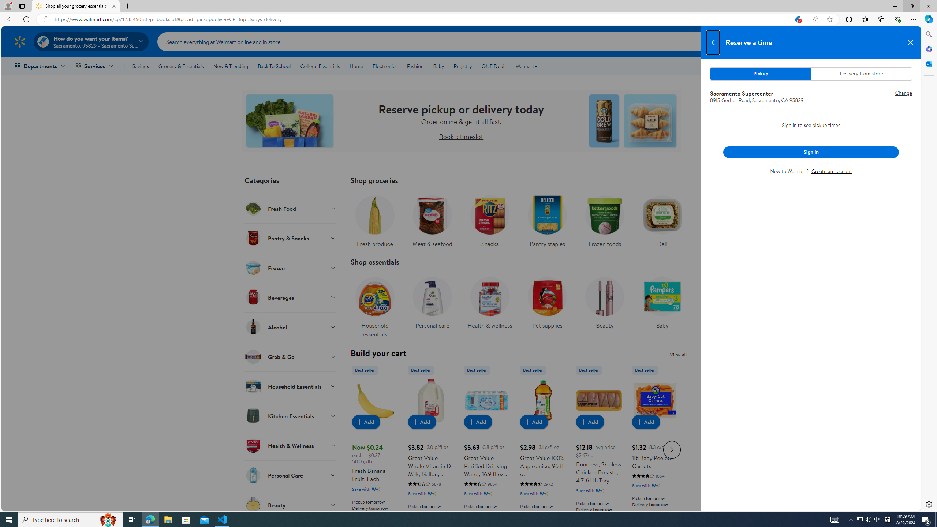 The image size is (937, 527). What do you see at coordinates (901, 41) in the screenshot?
I see `'Cart contains 0 items Total Amount $0.00'` at bounding box center [901, 41].